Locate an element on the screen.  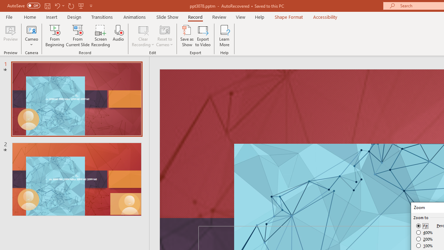
'Export to Video' is located at coordinates (203, 36).